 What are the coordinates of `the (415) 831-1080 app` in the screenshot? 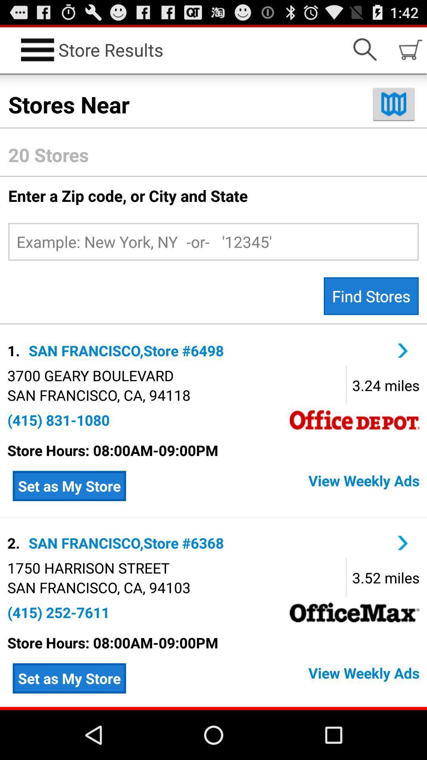 It's located at (58, 420).